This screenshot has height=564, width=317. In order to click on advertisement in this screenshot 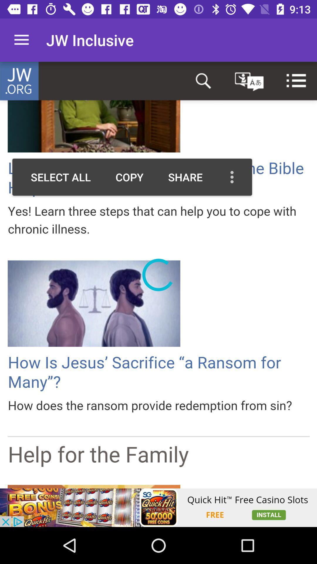, I will do `click(158, 507)`.